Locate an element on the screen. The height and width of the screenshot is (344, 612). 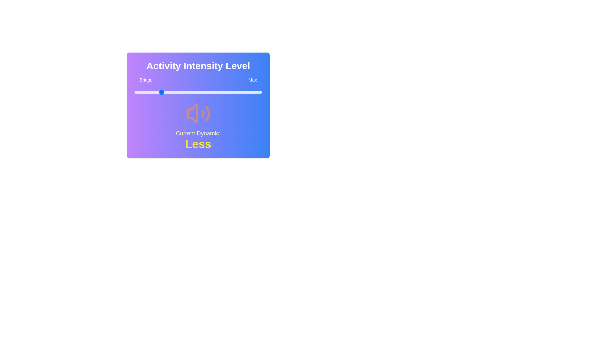
the slider to set the intensity level to 80% is located at coordinates (236, 92).